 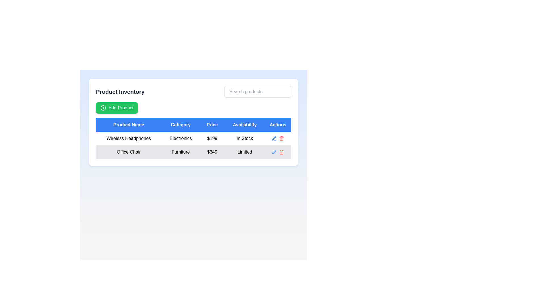 I want to click on the availability status text label located in the second row of the table, which is next to the '$349' entry in the 'Price' column, so click(x=245, y=152).